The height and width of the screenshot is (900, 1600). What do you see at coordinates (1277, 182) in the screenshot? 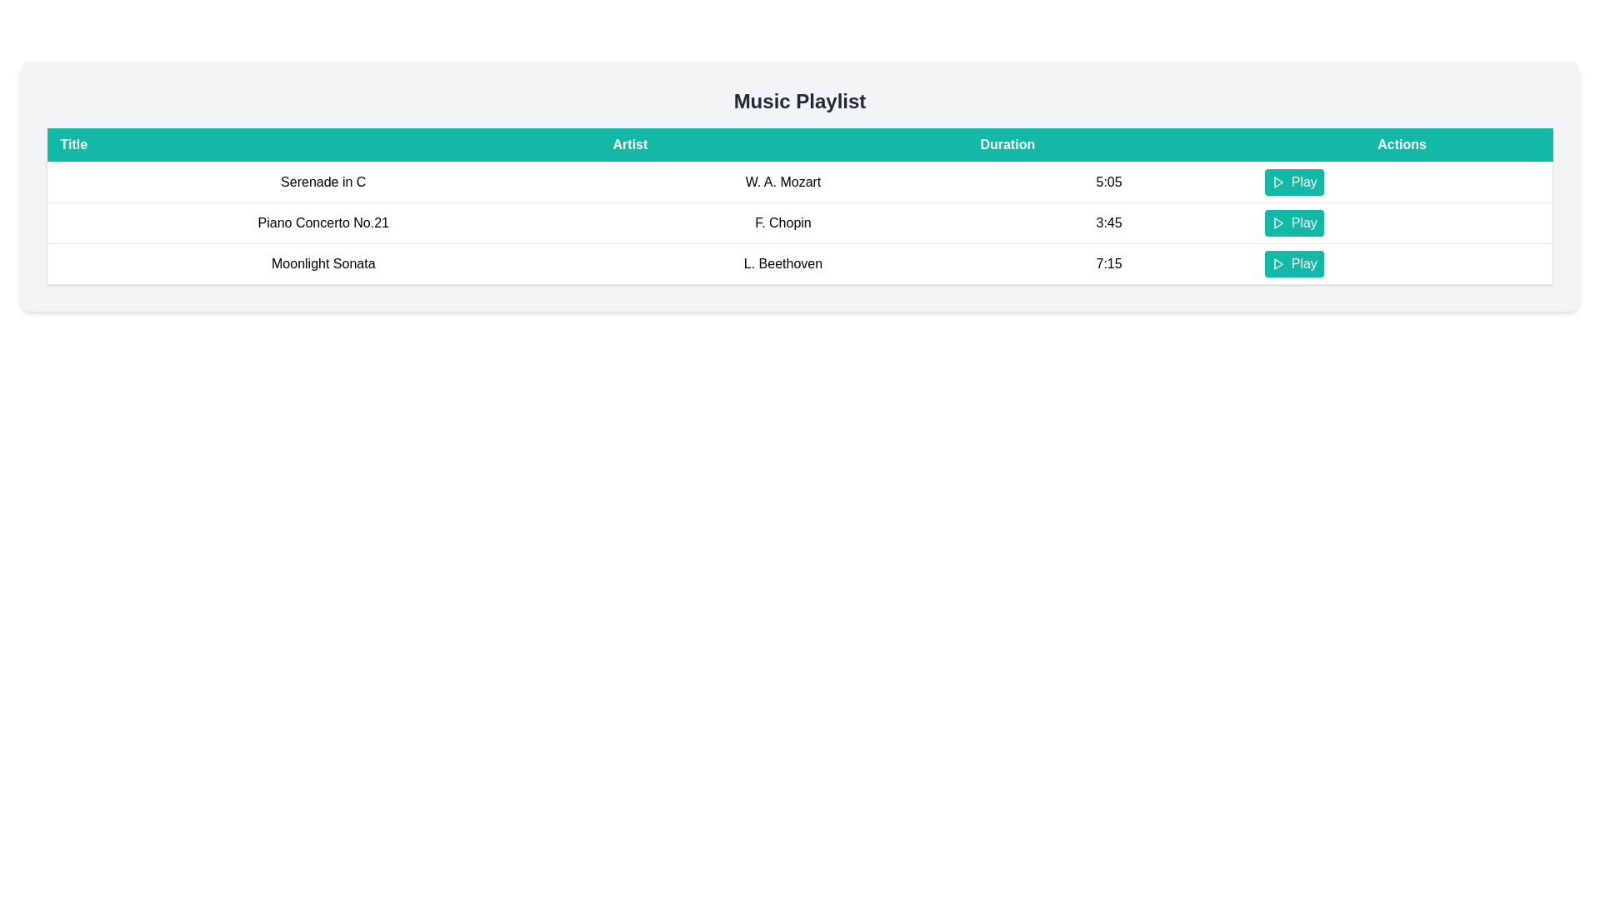
I see `the play button for the 'Serenade in C' track, which is represented by a triangular SVG graphical element in the 'Actions' column of the first row of the table` at bounding box center [1277, 182].